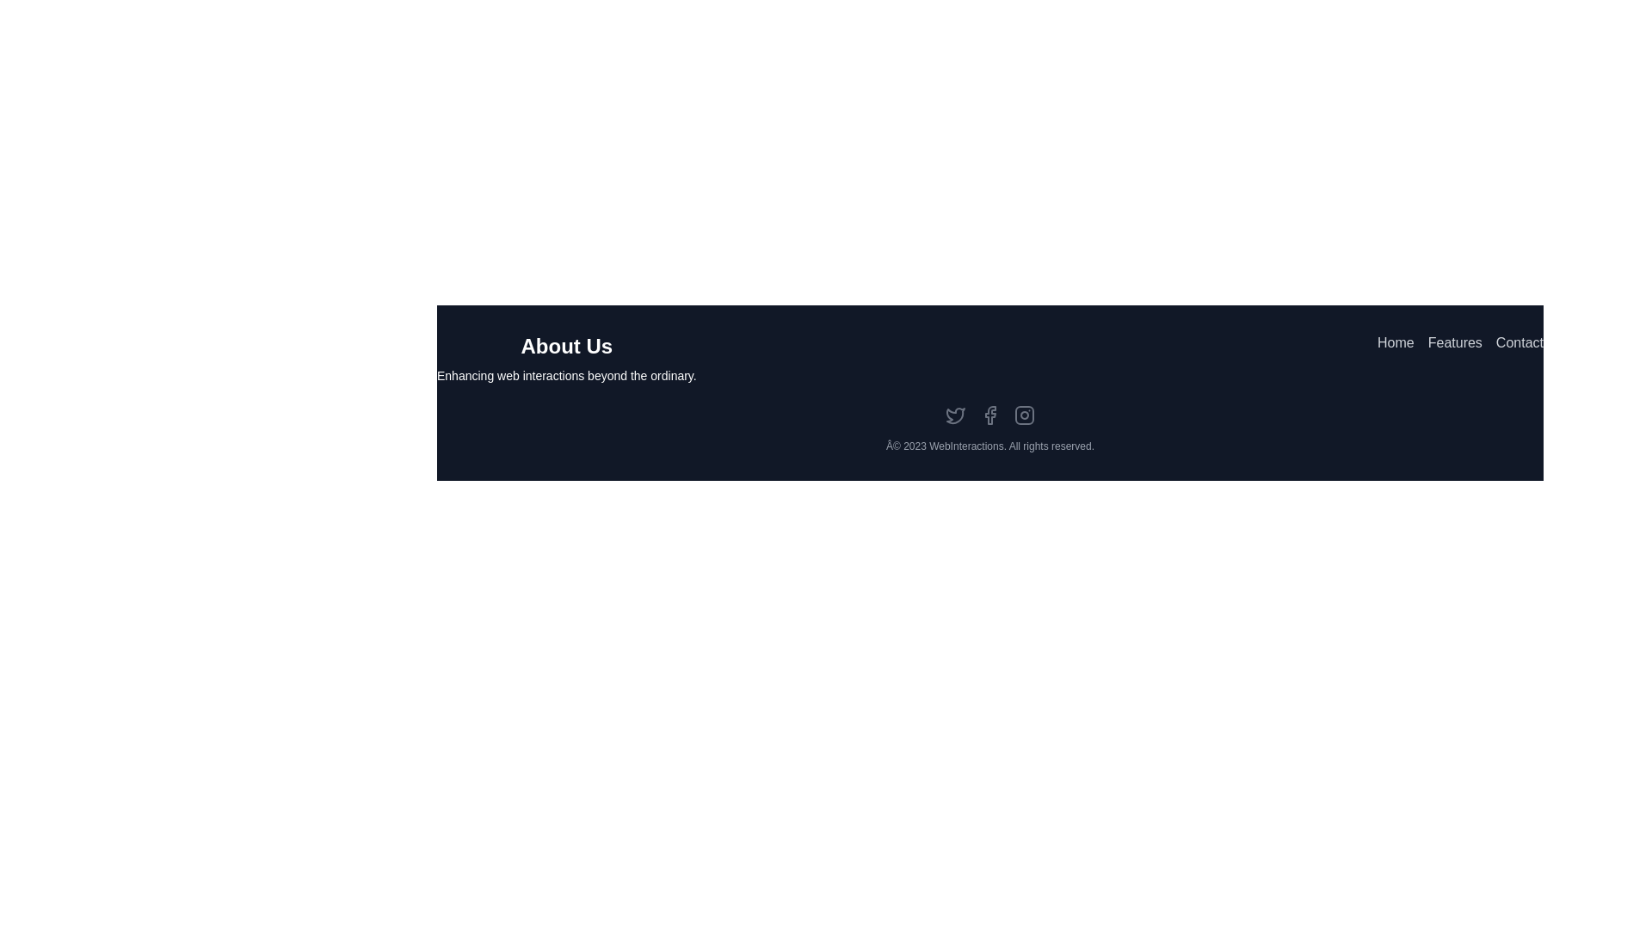  I want to click on the Instagram icon button, which is a gray rounded square with a circular camera lens, so click(1024, 415).